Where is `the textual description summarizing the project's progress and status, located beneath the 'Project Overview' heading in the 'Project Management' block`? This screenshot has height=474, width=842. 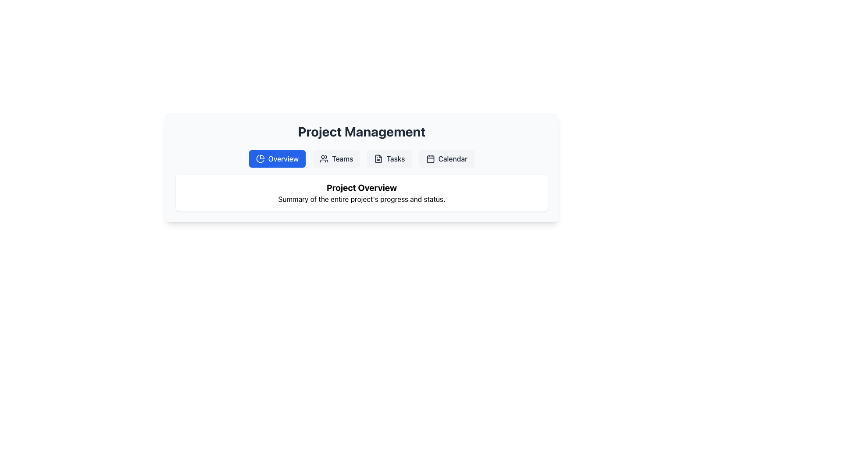
the textual description summarizing the project's progress and status, located beneath the 'Project Overview' heading in the 'Project Management' block is located at coordinates (362, 199).